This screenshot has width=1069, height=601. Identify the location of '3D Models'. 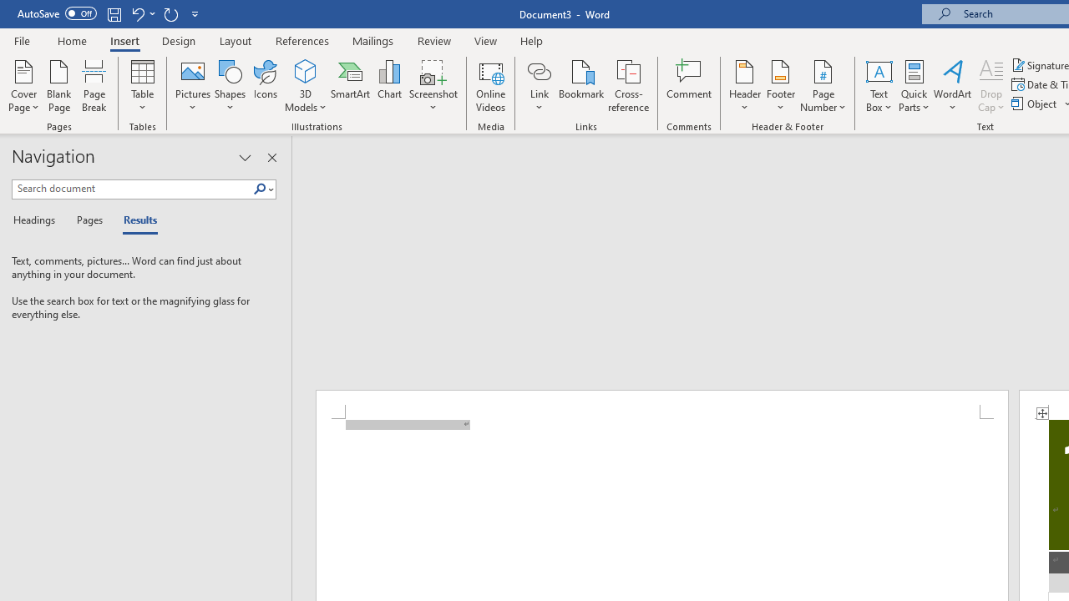
(306, 86).